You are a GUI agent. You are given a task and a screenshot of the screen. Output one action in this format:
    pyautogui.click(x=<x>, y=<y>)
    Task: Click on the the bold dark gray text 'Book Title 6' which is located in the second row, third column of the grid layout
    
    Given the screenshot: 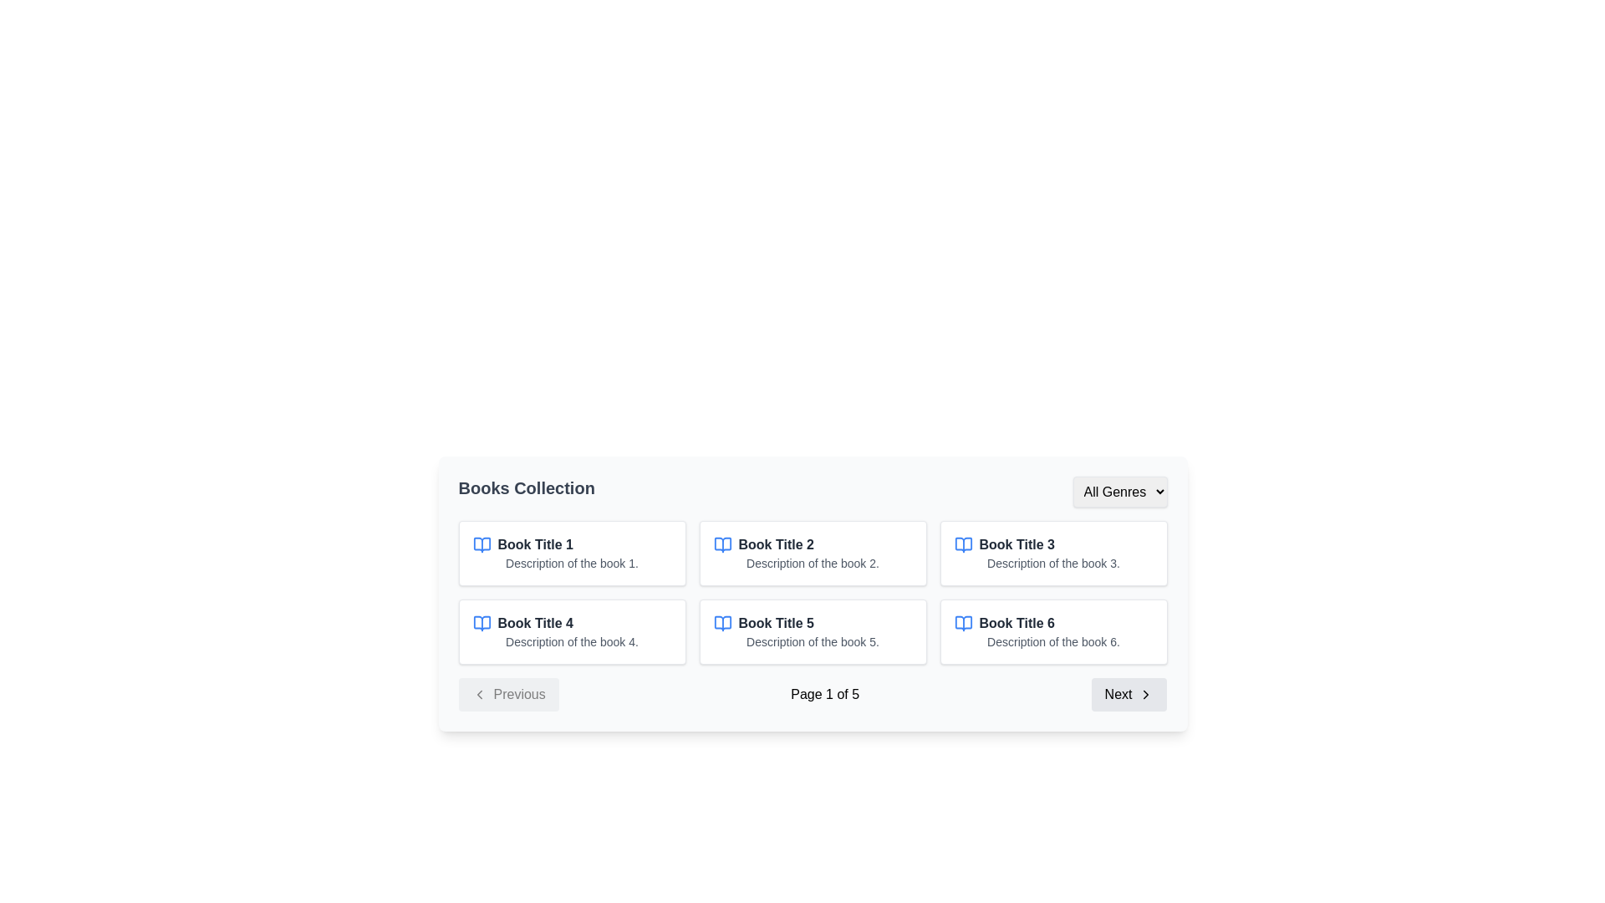 What is the action you would take?
    pyautogui.click(x=1052, y=623)
    